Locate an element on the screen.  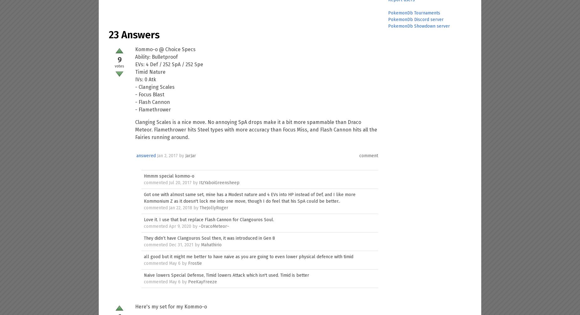
'They didn’t have Clangouros Soul then, it was introduced in Gen 8' is located at coordinates (209, 238).